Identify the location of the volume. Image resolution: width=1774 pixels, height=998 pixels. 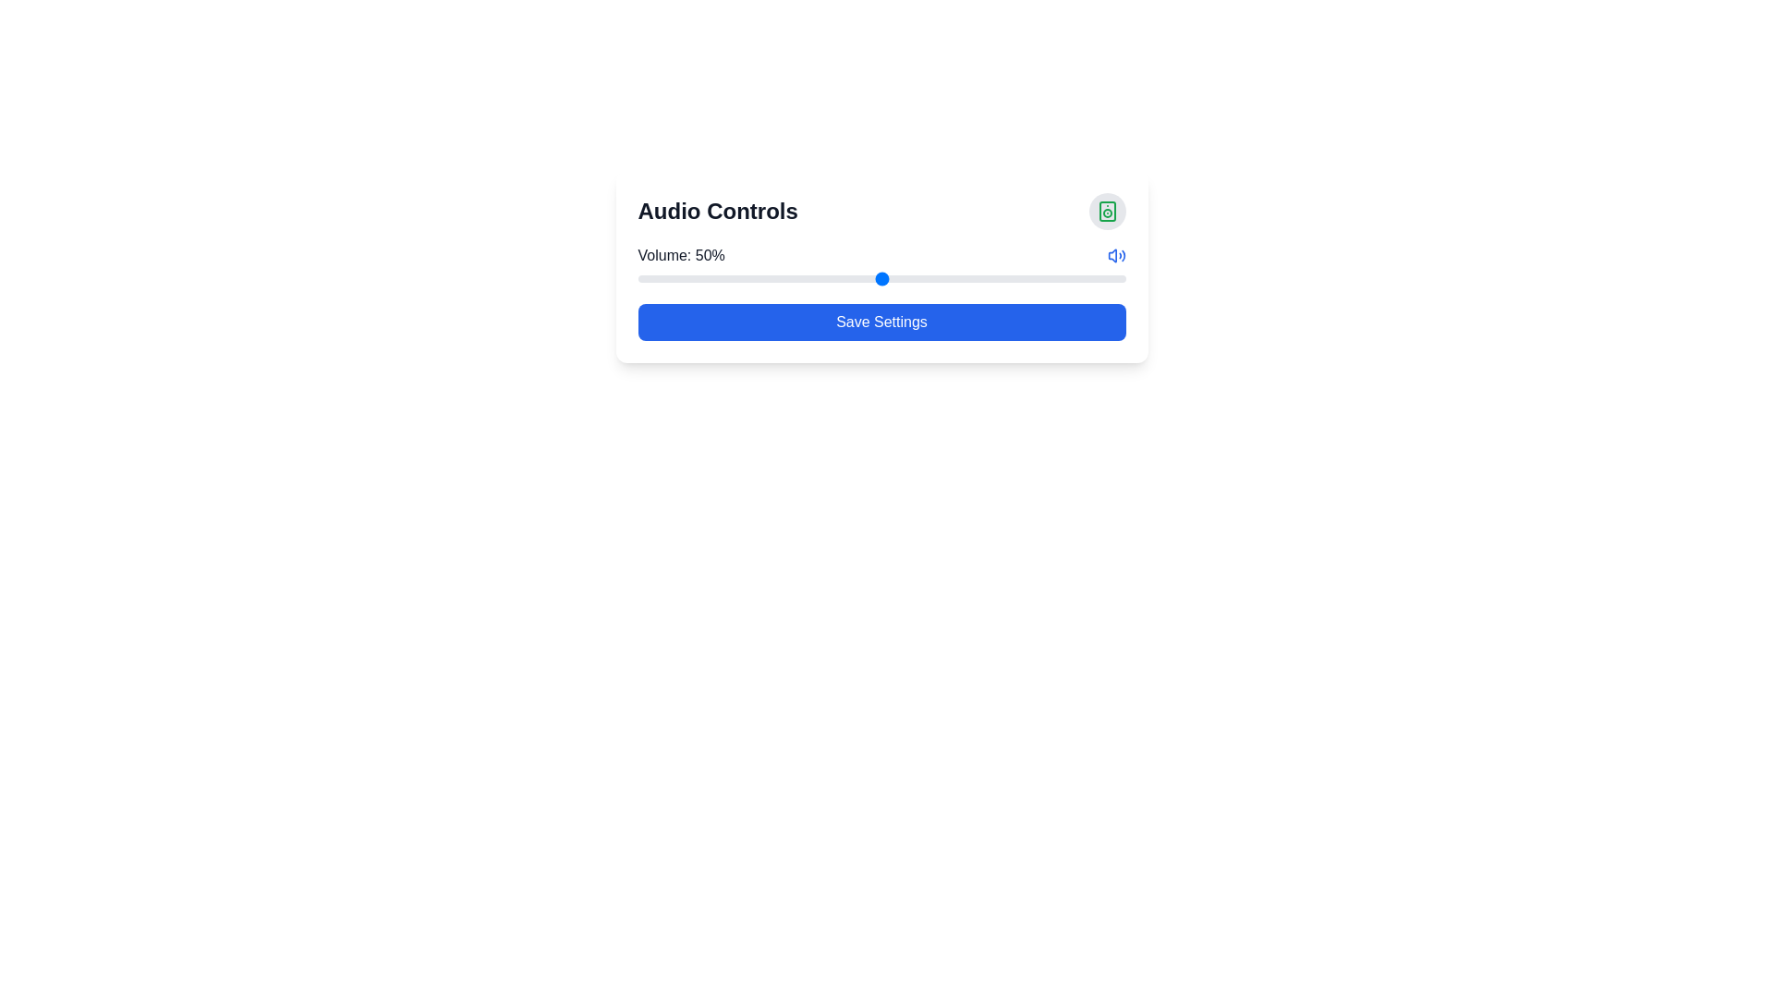
(764, 278).